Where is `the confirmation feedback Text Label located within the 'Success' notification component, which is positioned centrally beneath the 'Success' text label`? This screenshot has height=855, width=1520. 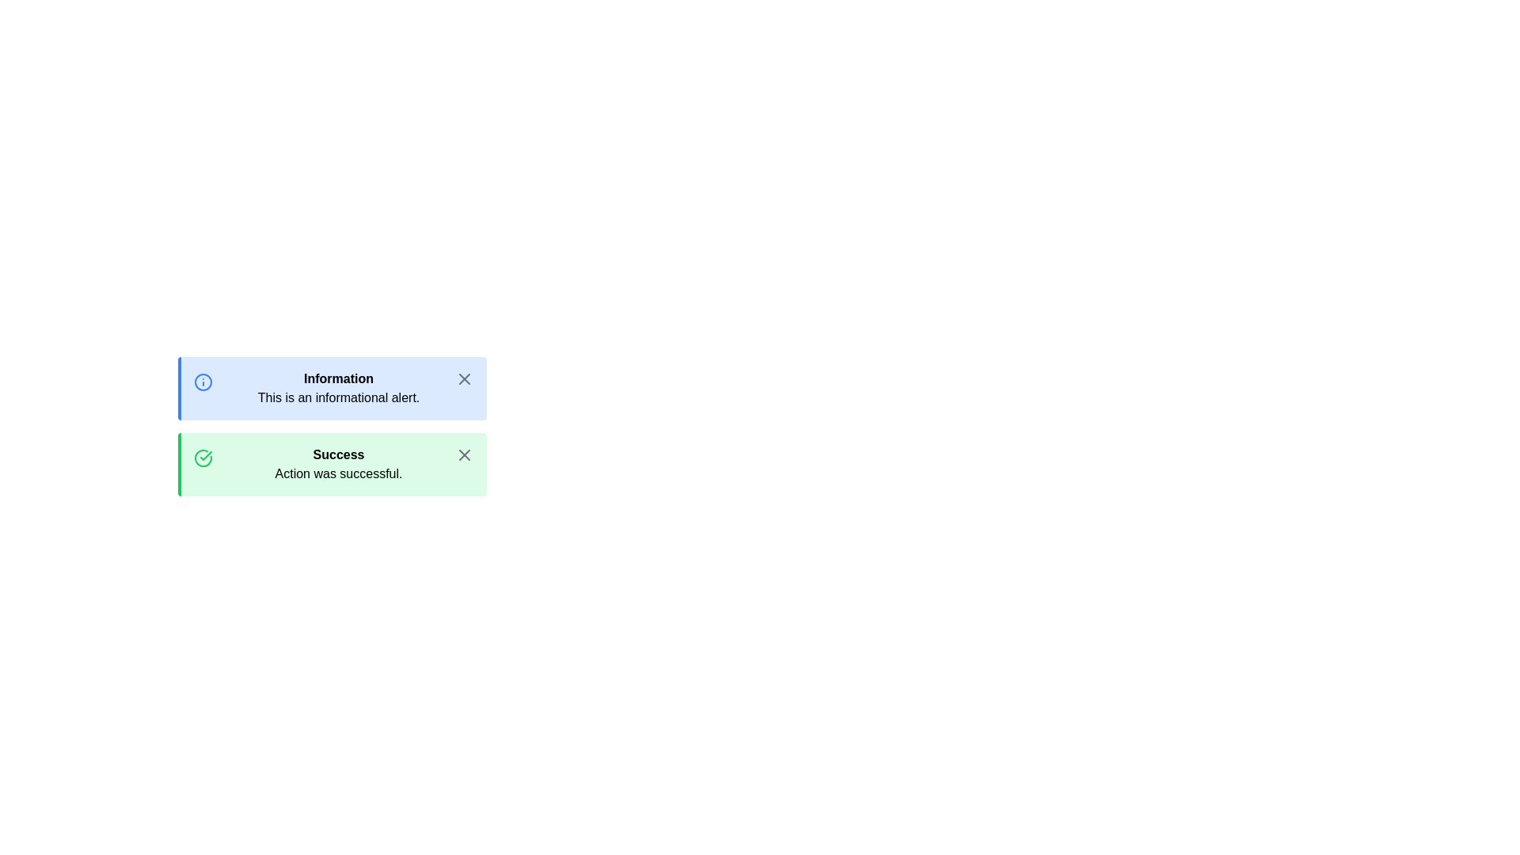
the confirmation feedback Text Label located within the 'Success' notification component, which is positioned centrally beneath the 'Success' text label is located at coordinates (337, 473).